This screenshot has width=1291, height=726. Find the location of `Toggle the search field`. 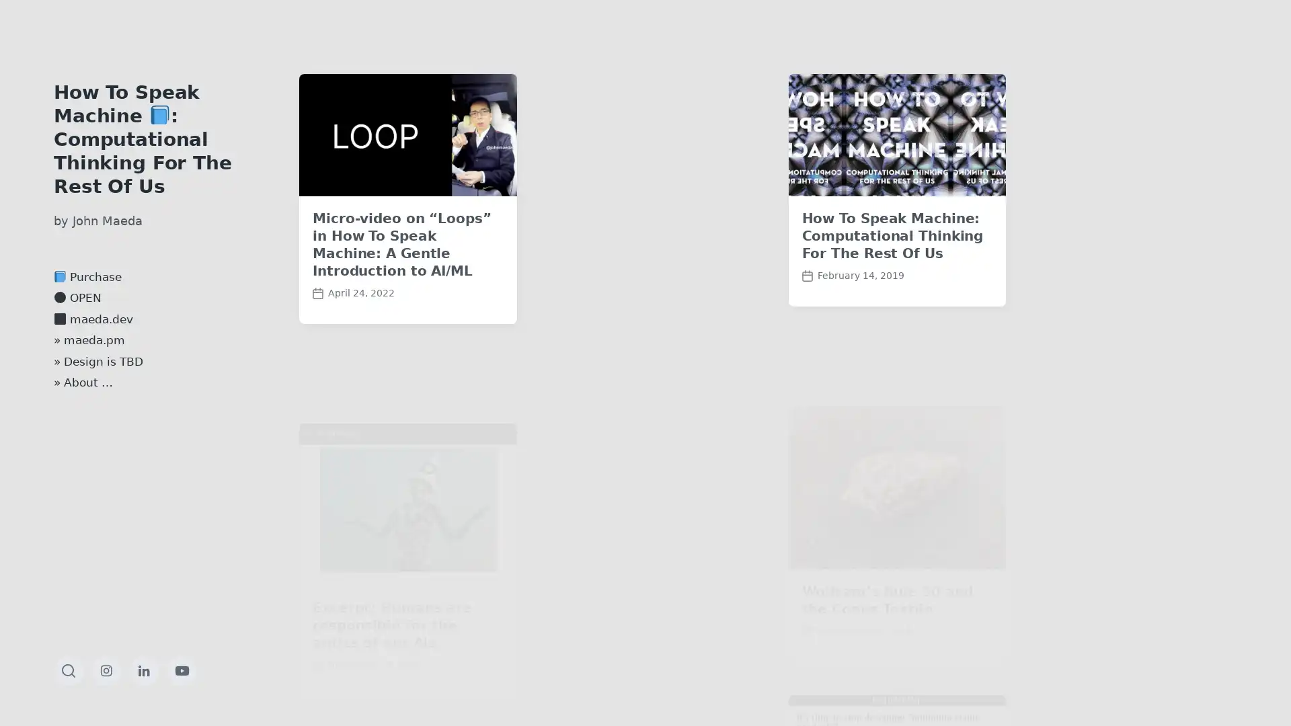

Toggle the search field is located at coordinates (67, 671).